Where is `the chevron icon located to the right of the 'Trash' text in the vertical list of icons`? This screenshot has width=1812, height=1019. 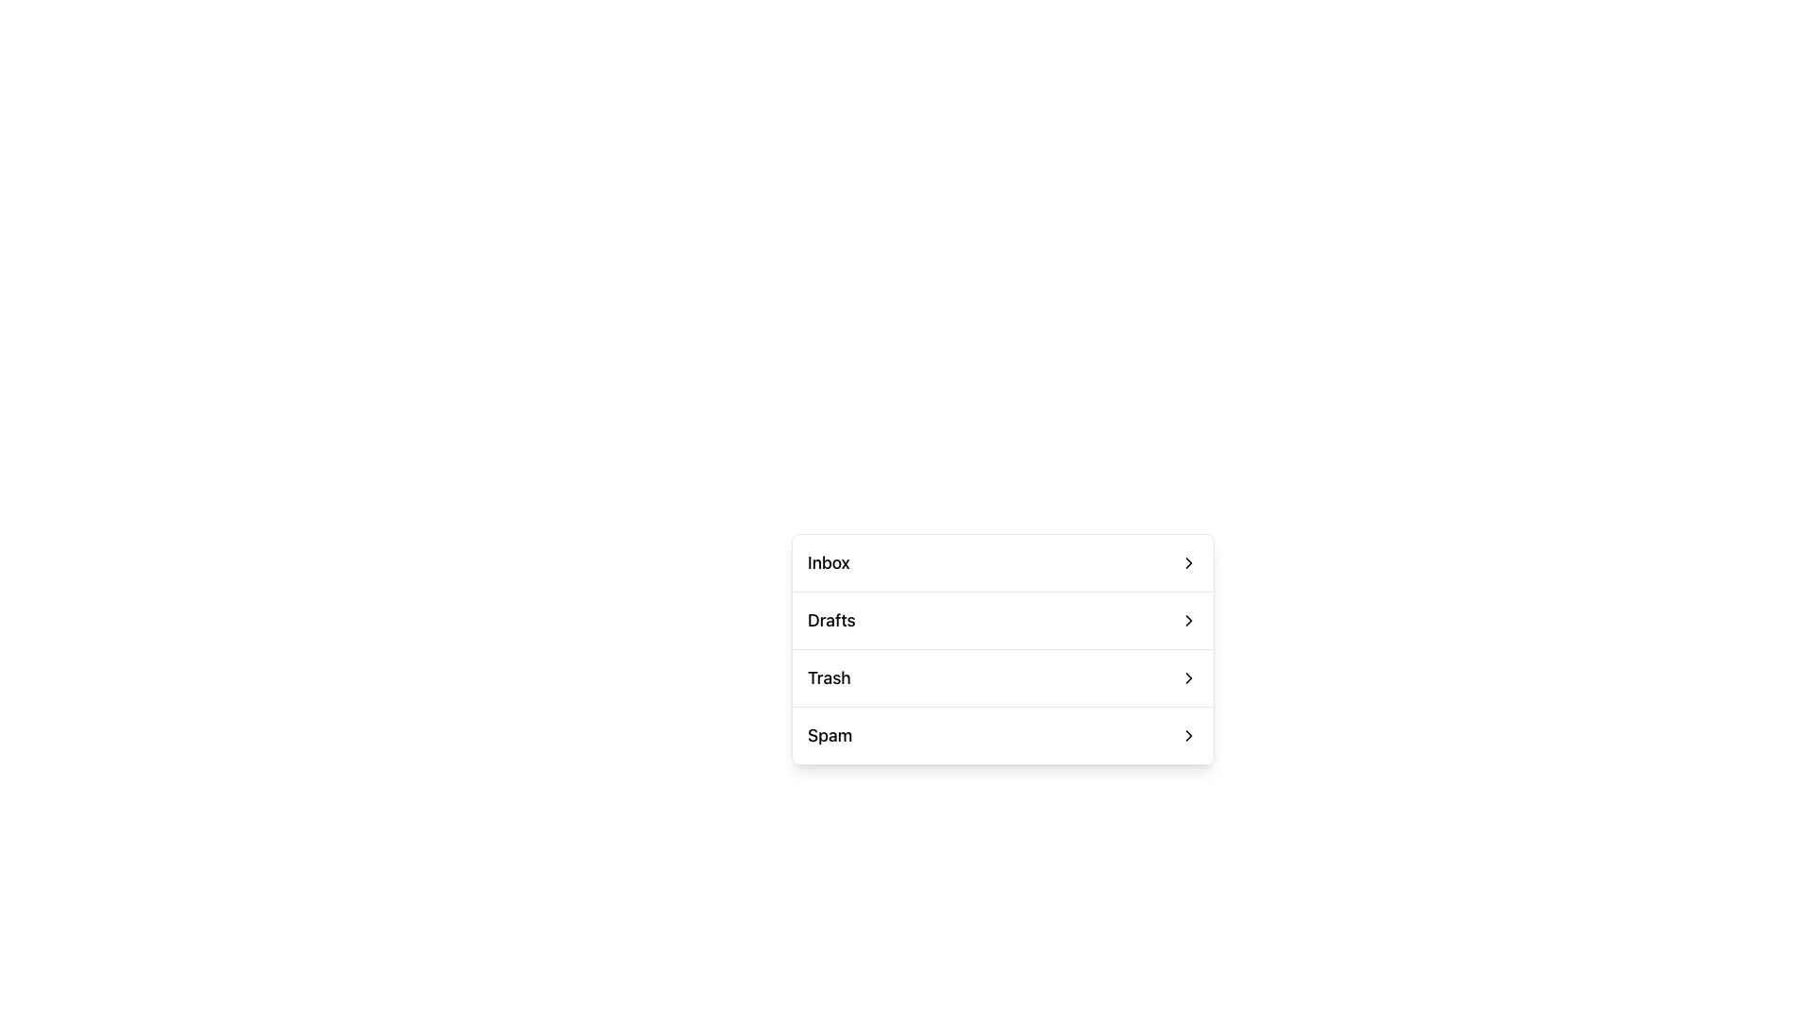 the chevron icon located to the right of the 'Trash' text in the vertical list of icons is located at coordinates (1187, 677).